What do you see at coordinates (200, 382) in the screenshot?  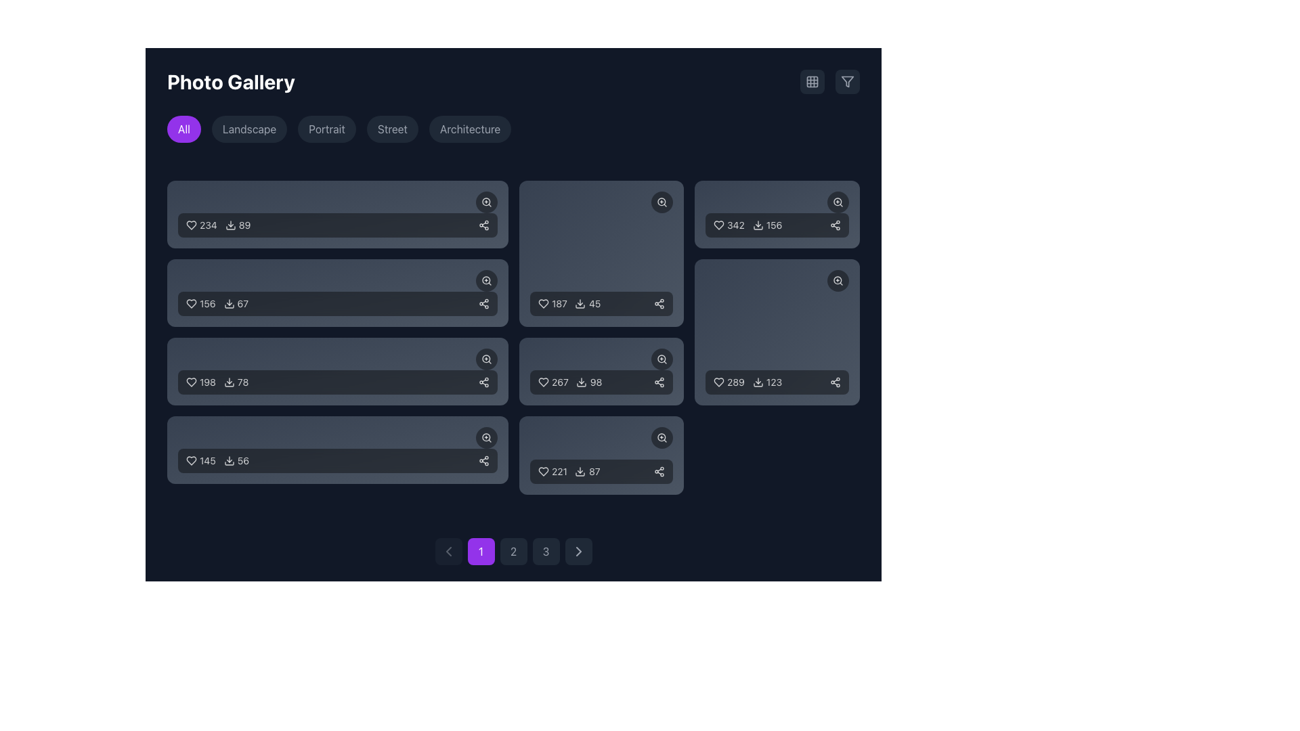 I see `the Like counter with icon in the third row of image statistics` at bounding box center [200, 382].